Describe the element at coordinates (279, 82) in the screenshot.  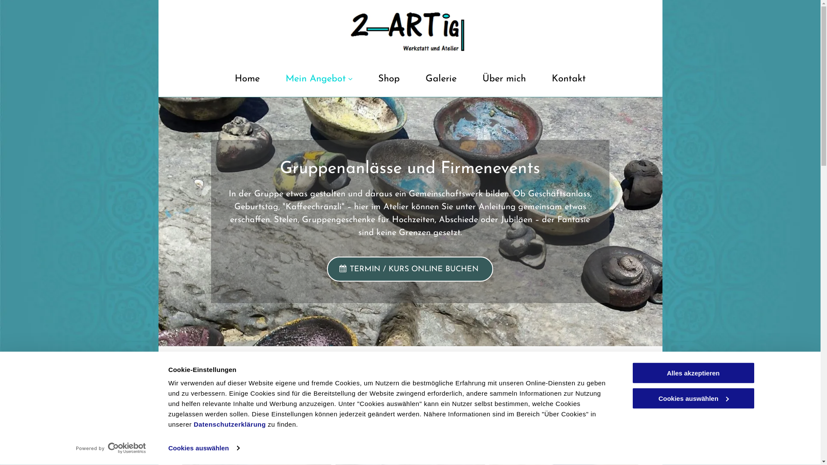
I see `'Mein Angebot'` at that location.